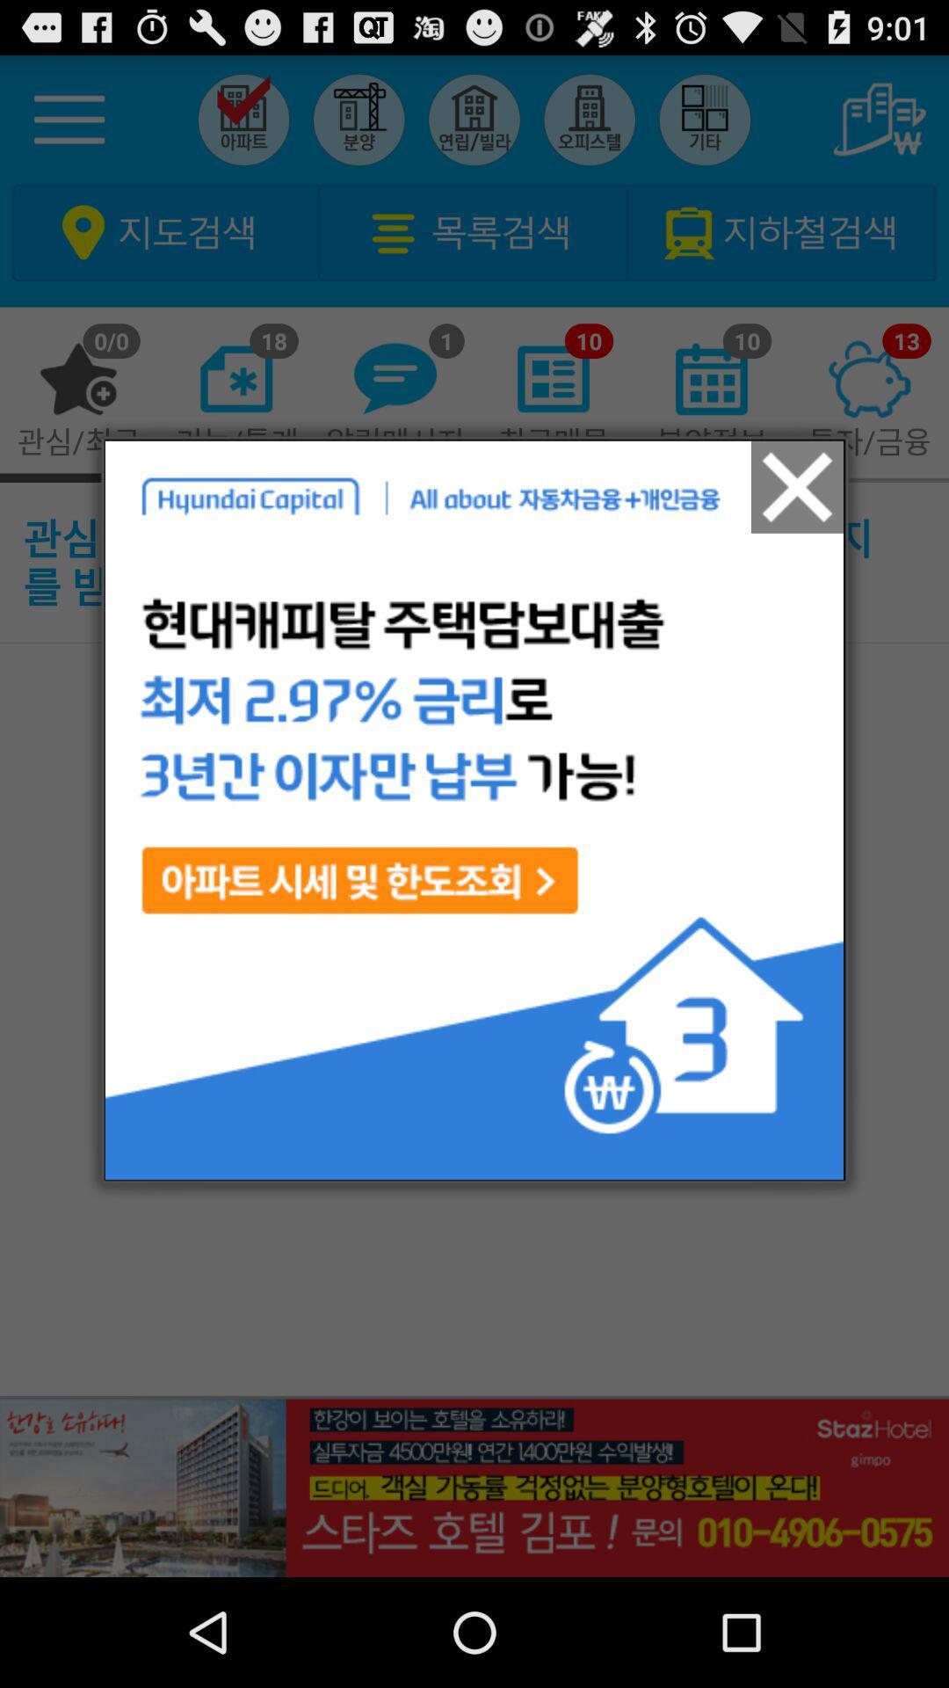 The width and height of the screenshot is (949, 1688). What do you see at coordinates (797, 487) in the screenshot?
I see `icon at the top right corner` at bounding box center [797, 487].